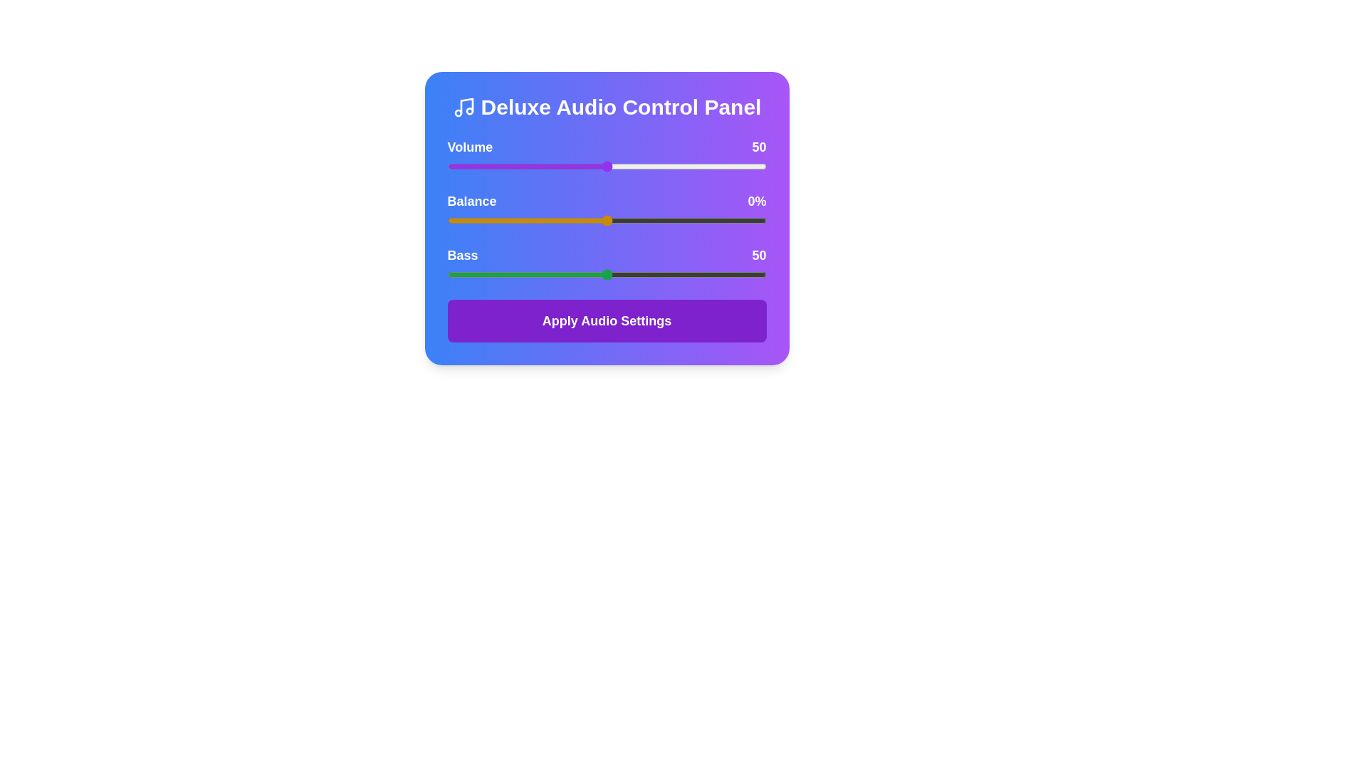  I want to click on balance, so click(513, 220).